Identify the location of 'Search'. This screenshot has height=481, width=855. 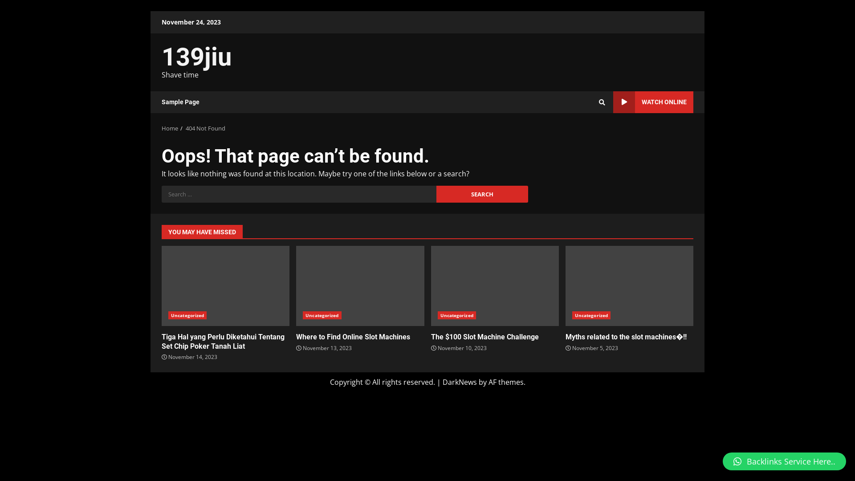
(586, 132).